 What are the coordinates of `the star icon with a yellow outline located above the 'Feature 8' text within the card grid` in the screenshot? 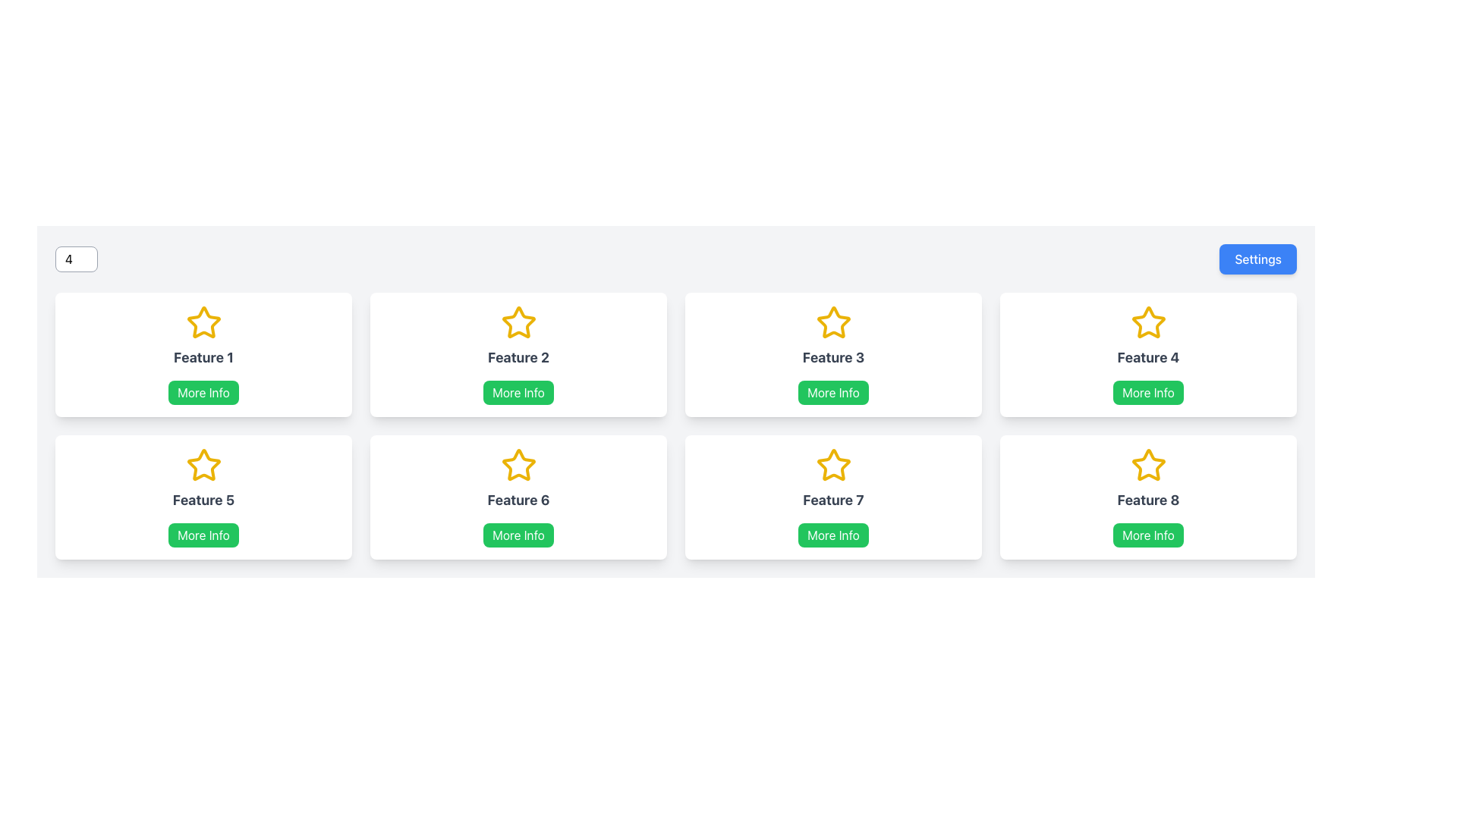 It's located at (1148, 464).